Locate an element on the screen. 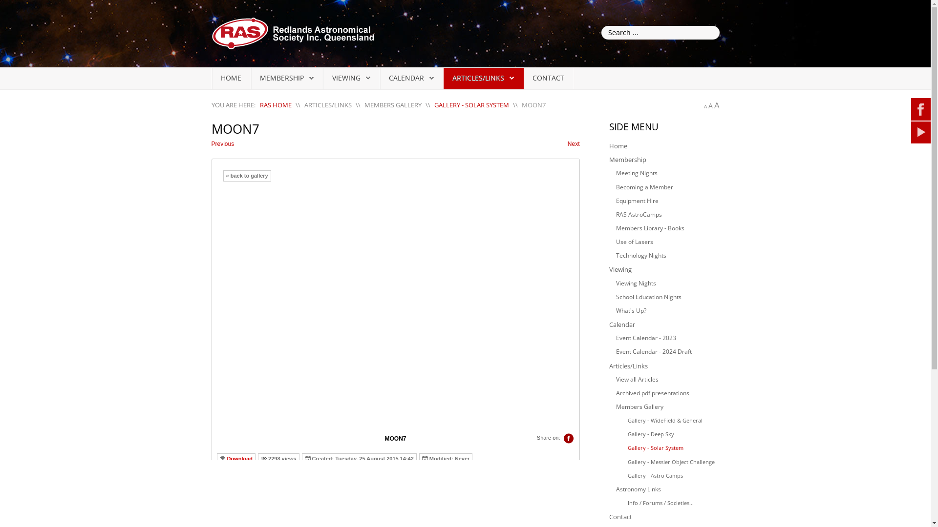 This screenshot has height=527, width=938. 'Next' is located at coordinates (574, 144).